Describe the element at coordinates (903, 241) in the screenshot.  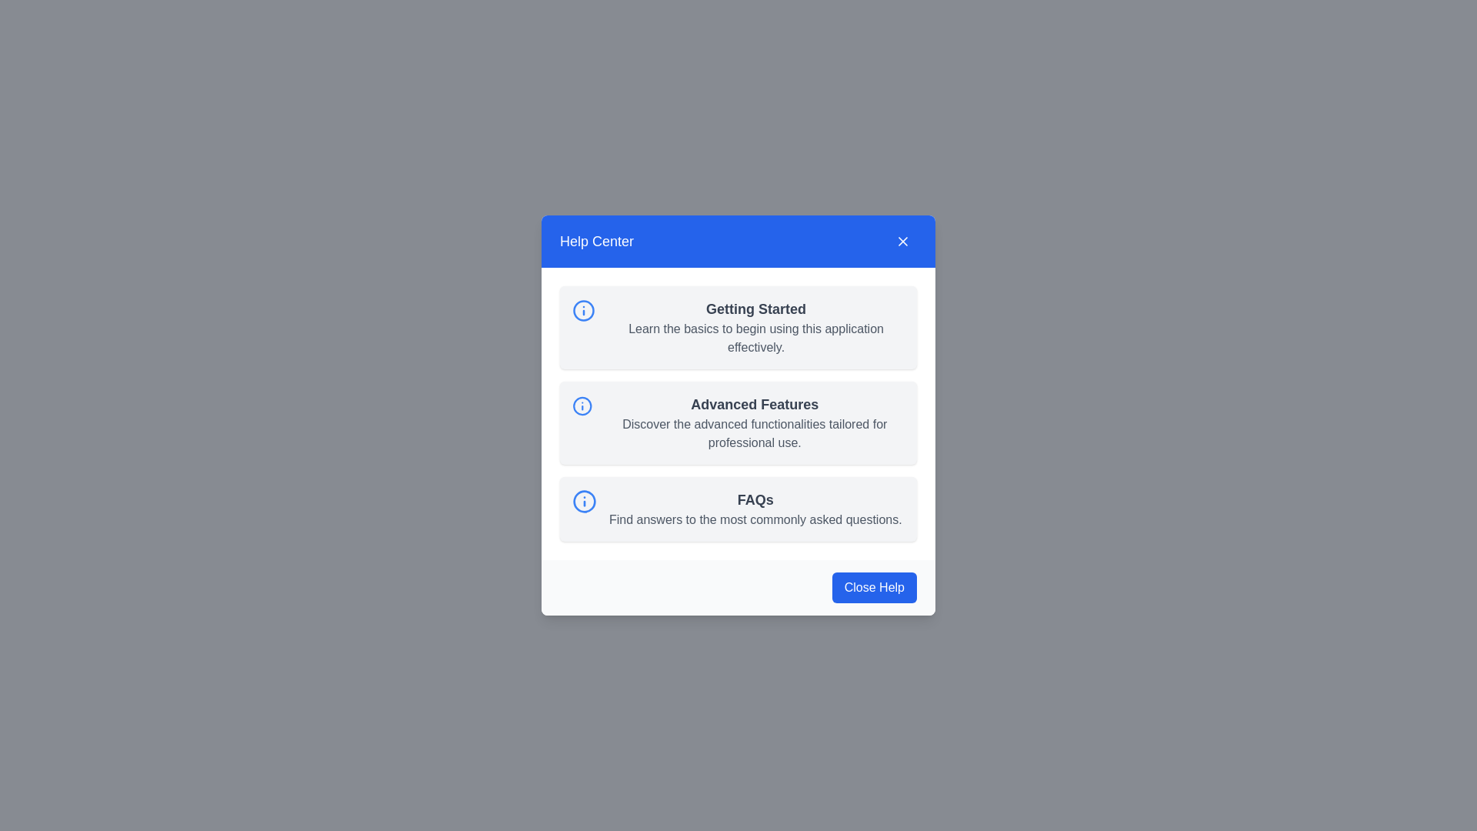
I see `the close button located at the top-right corner of the 'Help Center' dialog box` at that location.